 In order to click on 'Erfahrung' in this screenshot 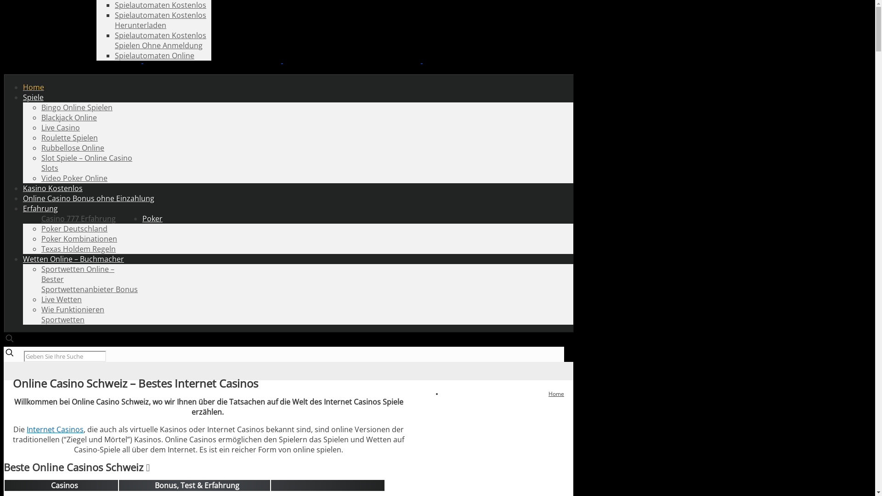, I will do `click(40, 209)`.